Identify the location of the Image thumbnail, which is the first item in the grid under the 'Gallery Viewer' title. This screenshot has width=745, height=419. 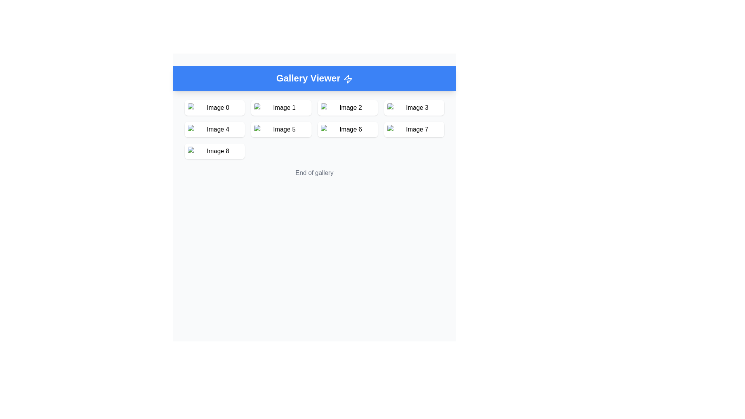
(215, 107).